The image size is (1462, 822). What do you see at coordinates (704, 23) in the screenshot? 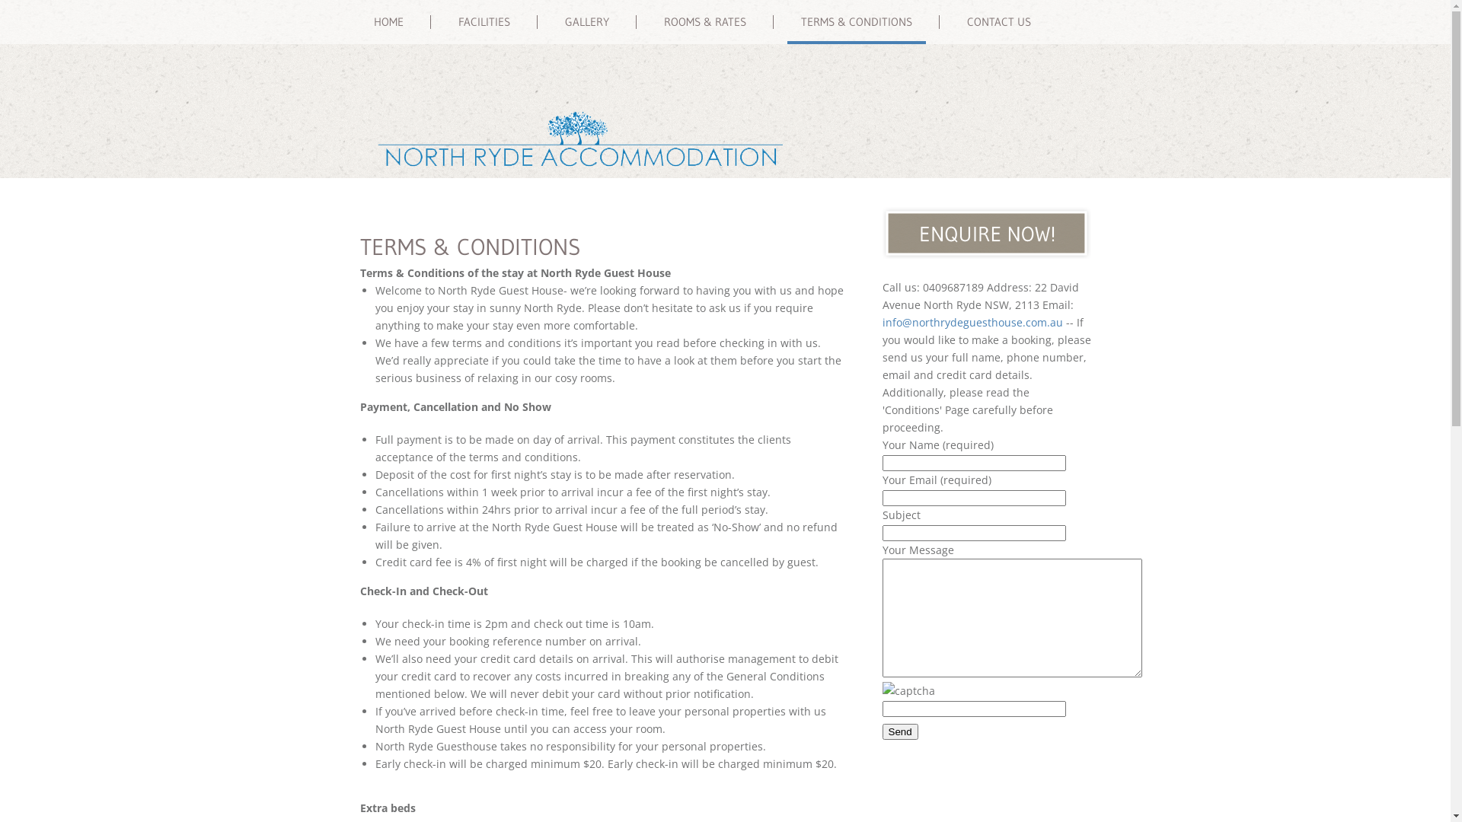
I see `'ROOMS & RATES'` at bounding box center [704, 23].